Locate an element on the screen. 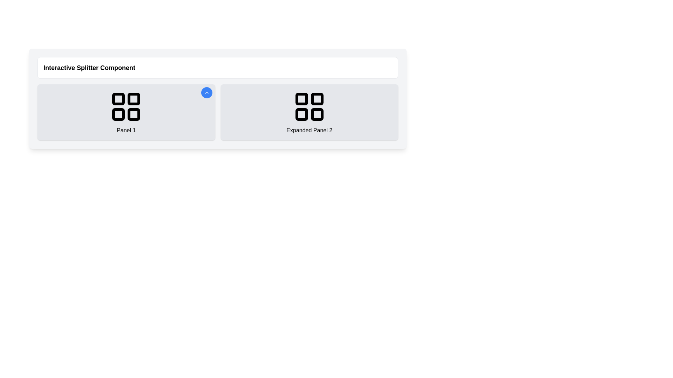  the interactive button in the top-right corner of 'Panel 1' is located at coordinates (206, 92).